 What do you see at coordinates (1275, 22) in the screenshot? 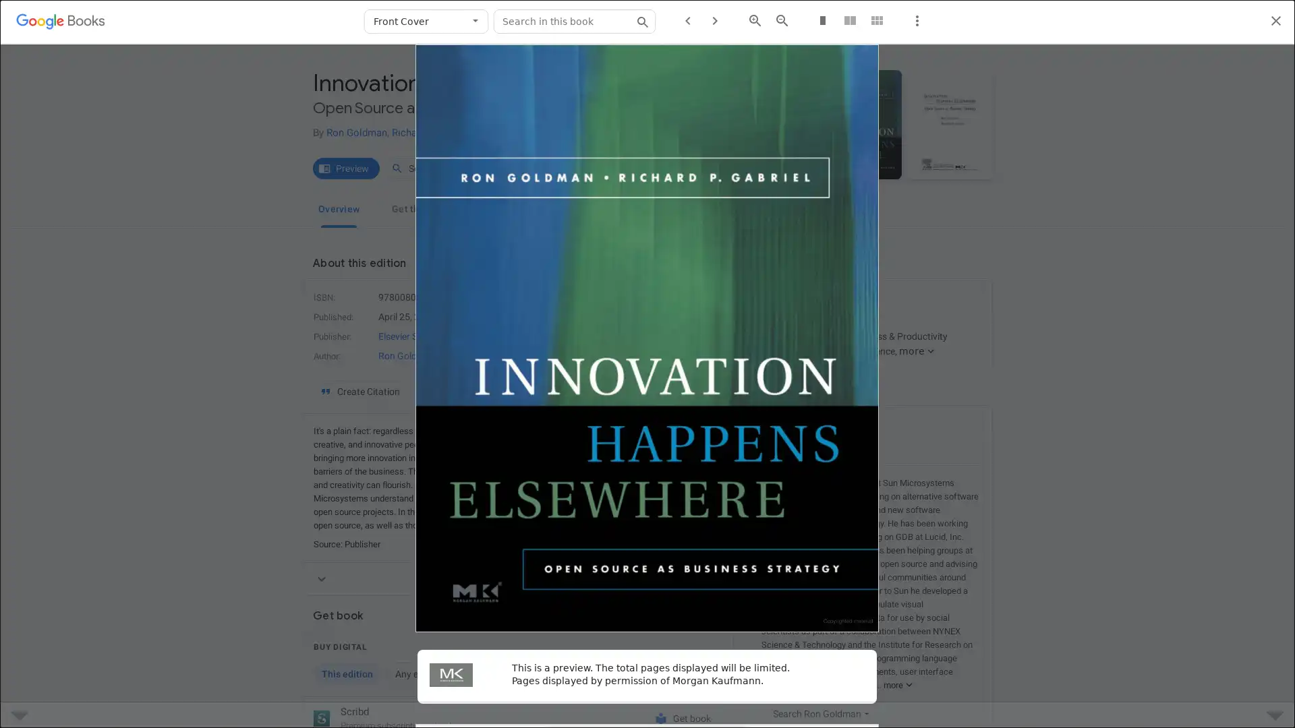
I see `Close preview dialog` at bounding box center [1275, 22].